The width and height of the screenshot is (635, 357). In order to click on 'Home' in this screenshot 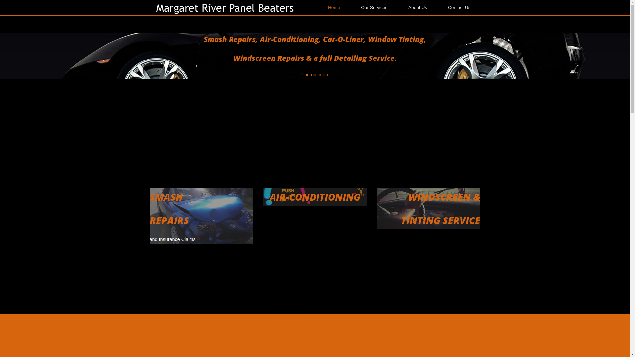, I will do `click(227, 8)`.